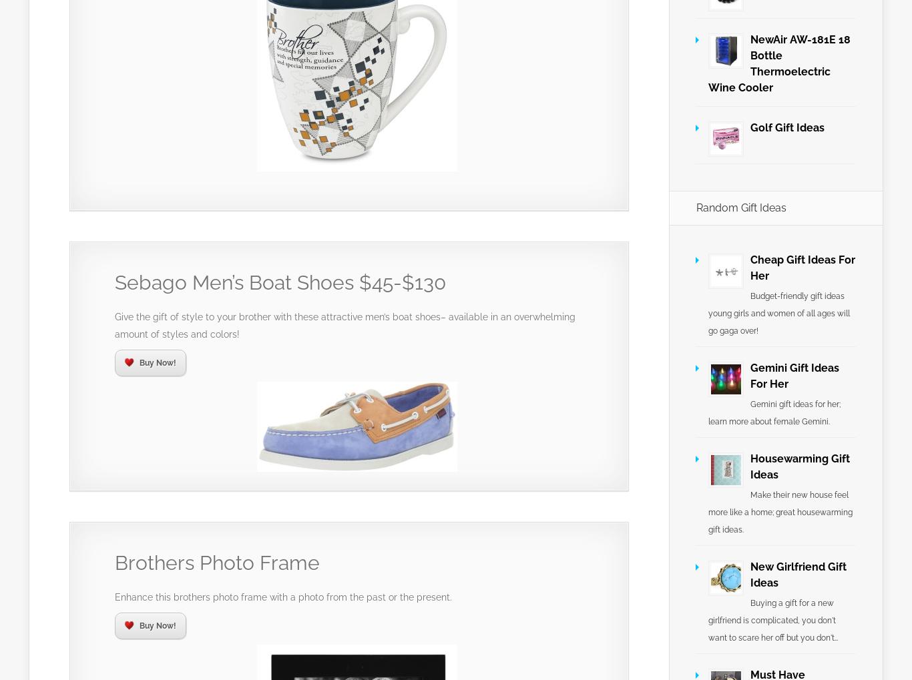 Image resolution: width=912 pixels, height=680 pixels. Describe the element at coordinates (794, 375) in the screenshot. I see `'Gemini Gift Ideas For Her'` at that location.